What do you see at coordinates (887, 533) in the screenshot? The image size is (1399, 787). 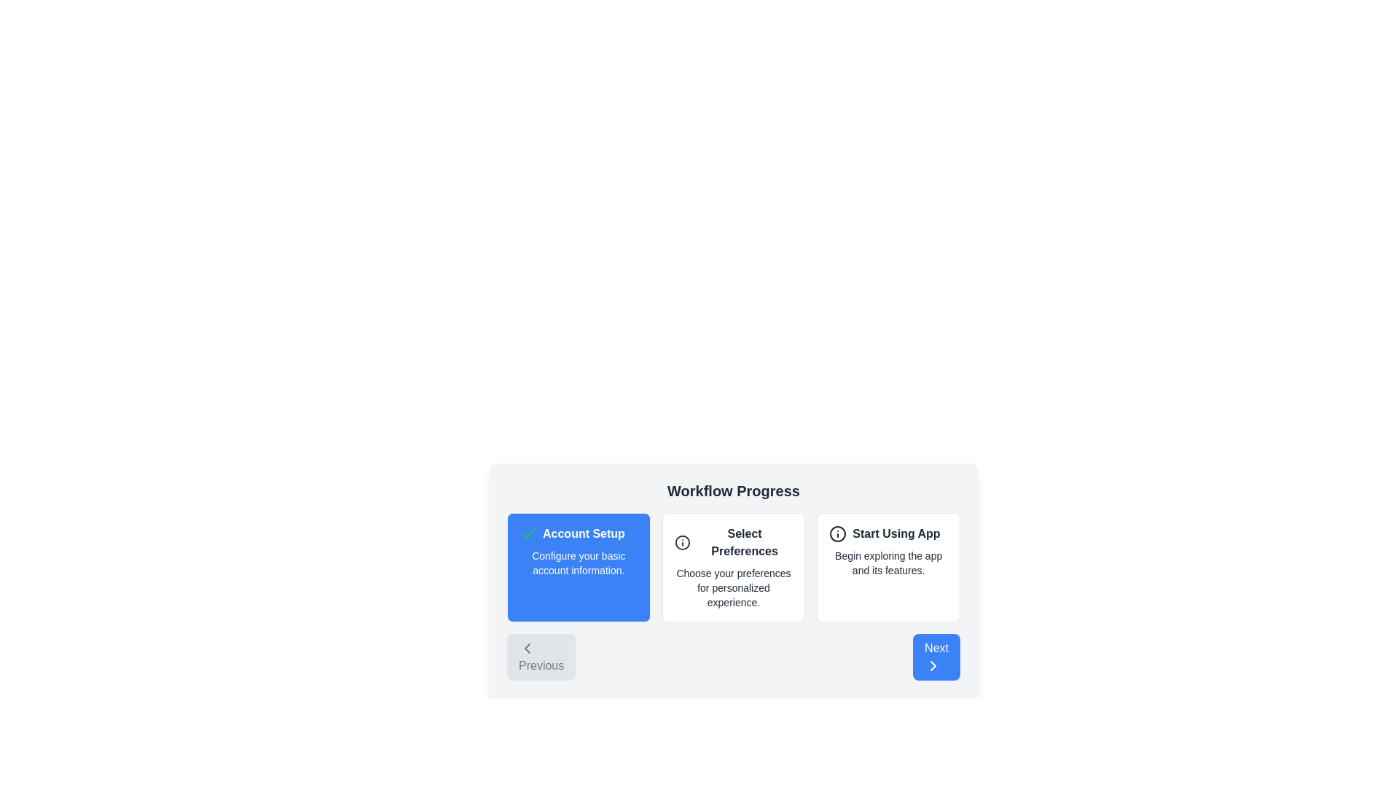 I see `text element 'Start Using App' located in the third card of the workflow progress section, which is styled in bold and positioned next to an information icon` at bounding box center [887, 533].